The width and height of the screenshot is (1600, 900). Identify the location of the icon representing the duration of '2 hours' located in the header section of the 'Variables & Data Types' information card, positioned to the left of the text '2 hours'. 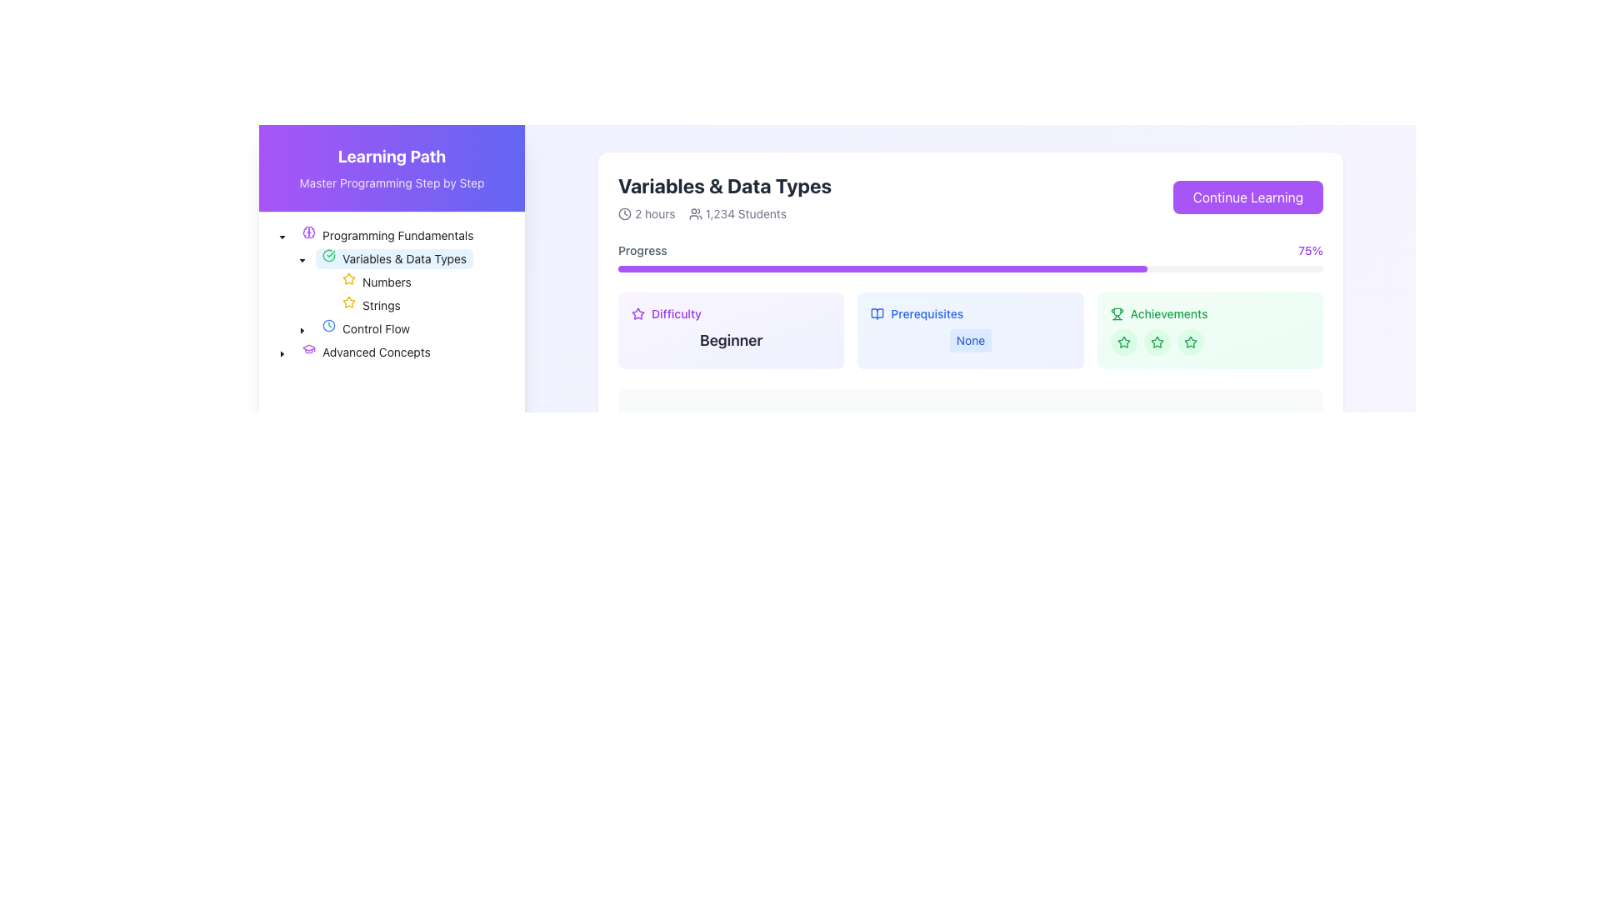
(623, 213).